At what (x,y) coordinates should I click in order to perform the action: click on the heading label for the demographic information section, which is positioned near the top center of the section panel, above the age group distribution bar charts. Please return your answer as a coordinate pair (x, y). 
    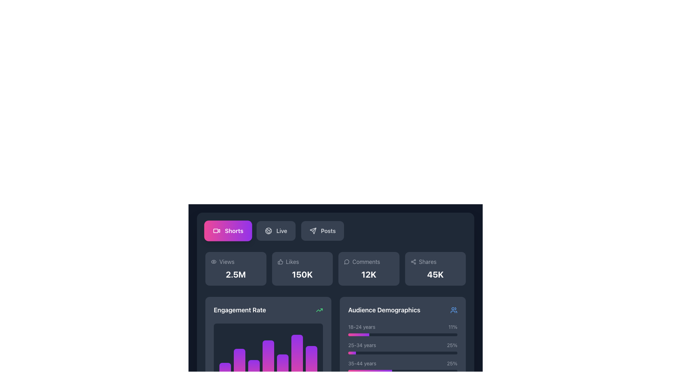
    Looking at the image, I should click on (403, 310).